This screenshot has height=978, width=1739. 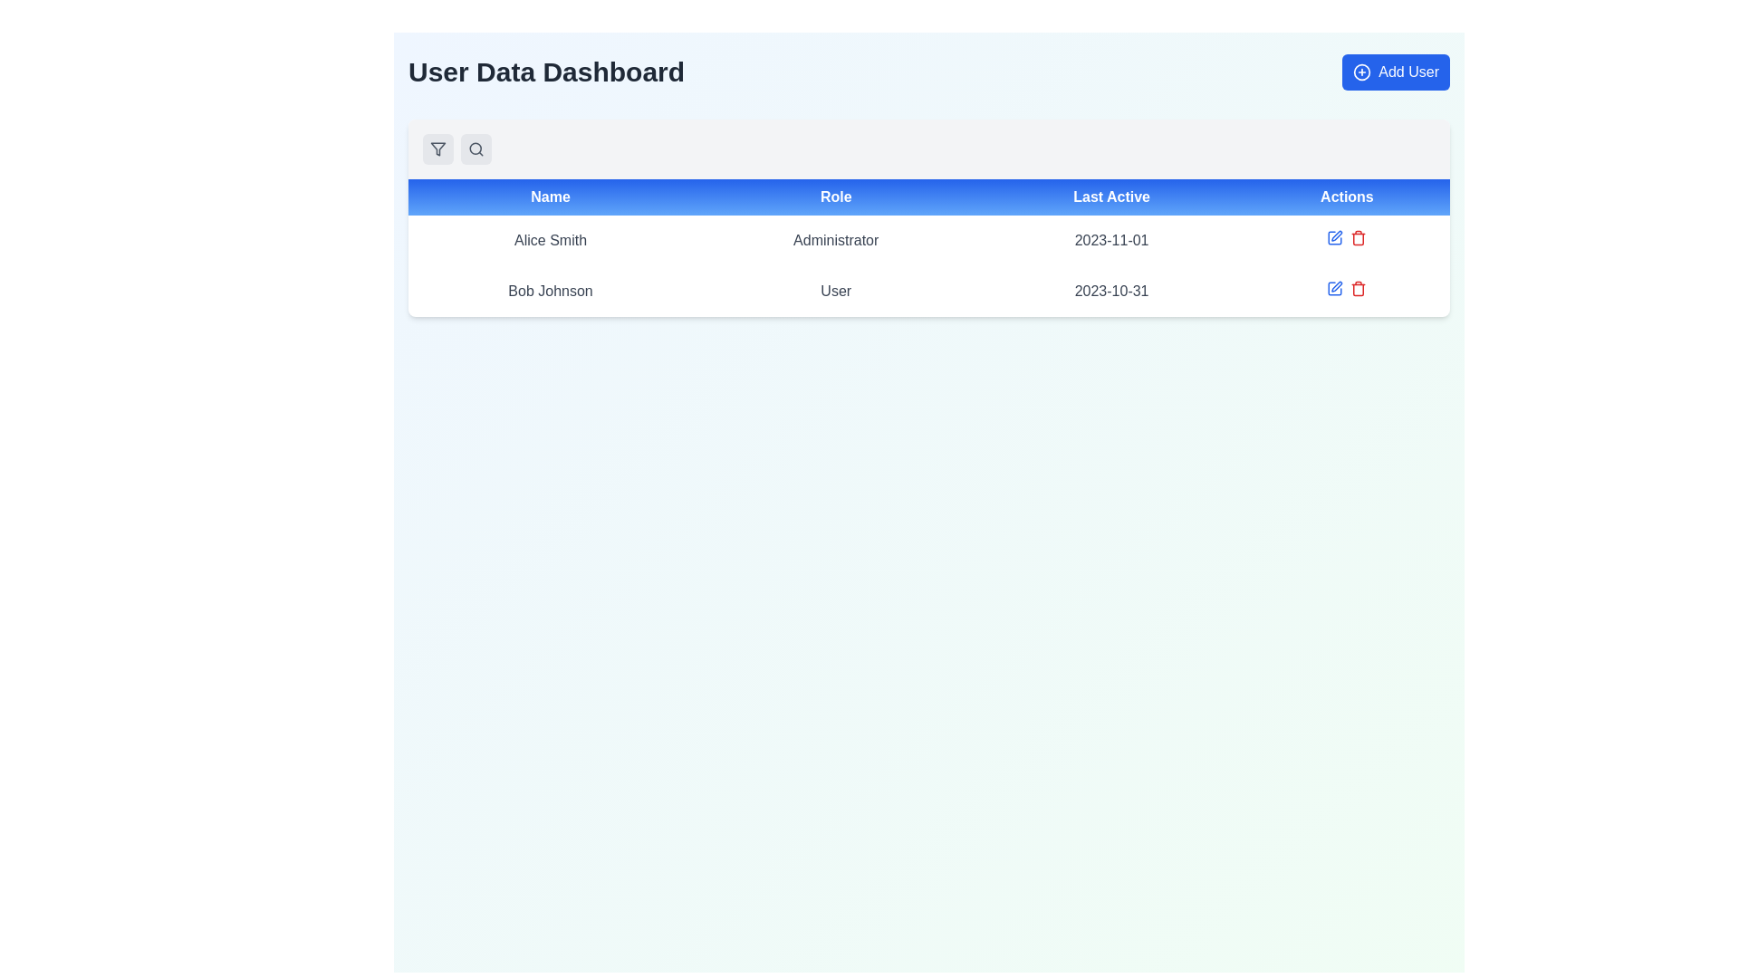 I want to click on the triangular filter icon located in the menu bar area to the left of the search icon, so click(x=438, y=149).